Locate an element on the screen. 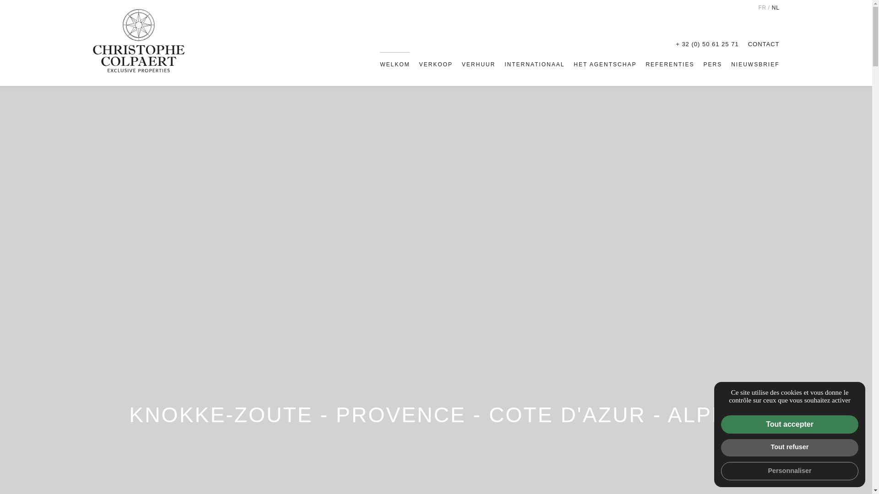  'NL' is located at coordinates (775, 7).